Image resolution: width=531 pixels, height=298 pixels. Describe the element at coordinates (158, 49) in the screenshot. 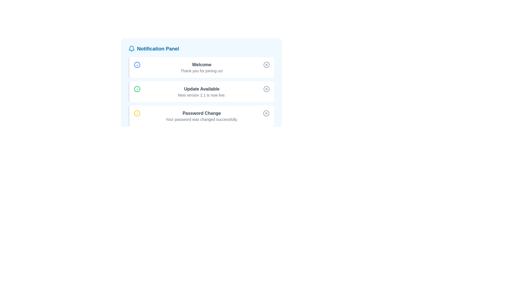

I see `the Text label that serves as a heading for the Notification Panel, located at the top-center of the notification interface, next to a bell icon` at that location.